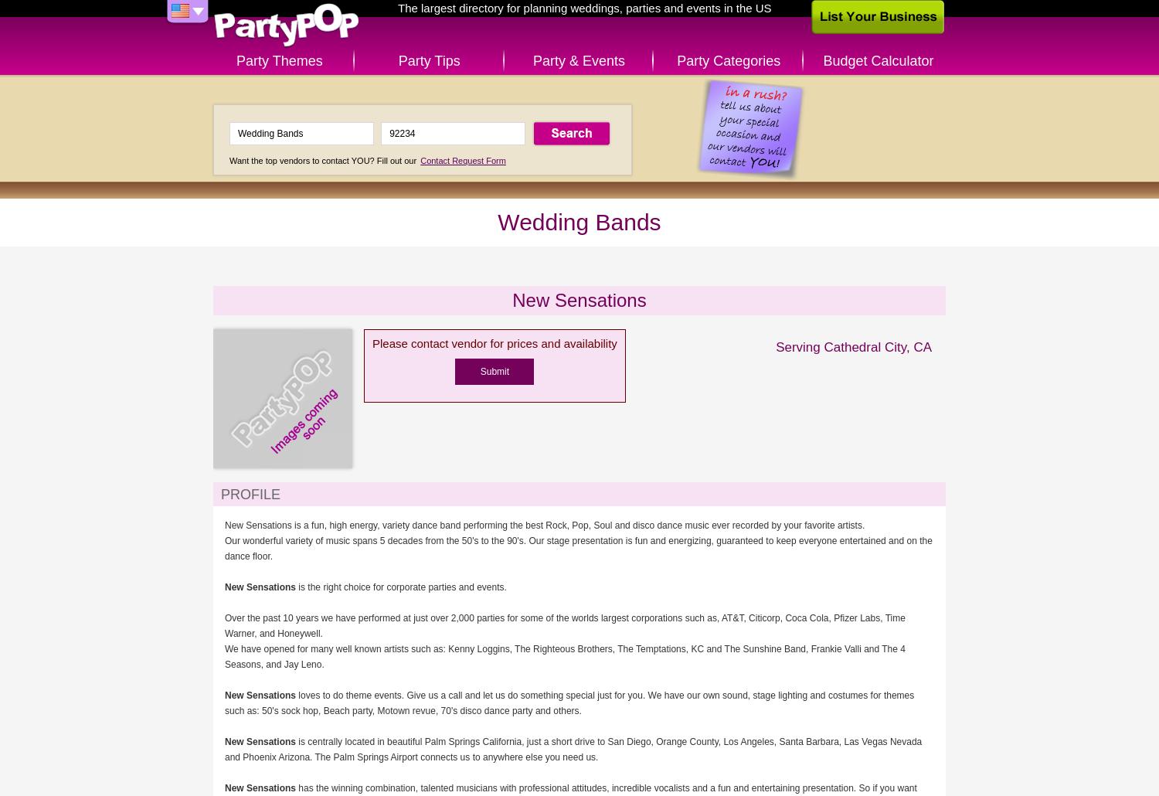  What do you see at coordinates (878, 61) in the screenshot?
I see `'Budget Calculator'` at bounding box center [878, 61].